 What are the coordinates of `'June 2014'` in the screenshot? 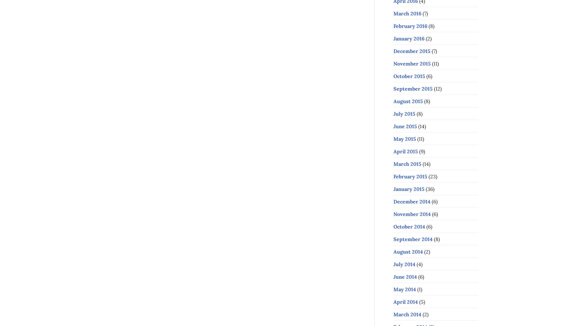 It's located at (405, 276).